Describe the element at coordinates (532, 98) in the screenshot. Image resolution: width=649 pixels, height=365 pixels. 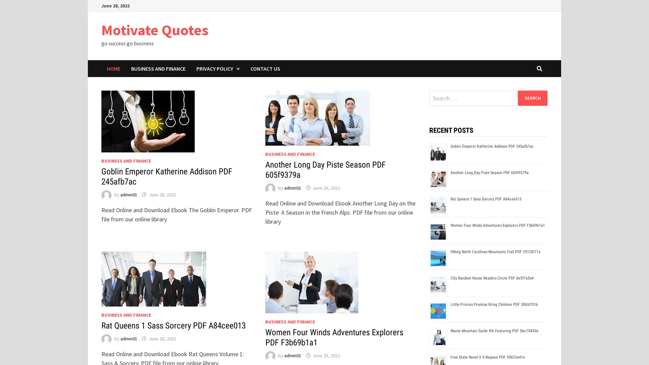
I see `Search` at that location.